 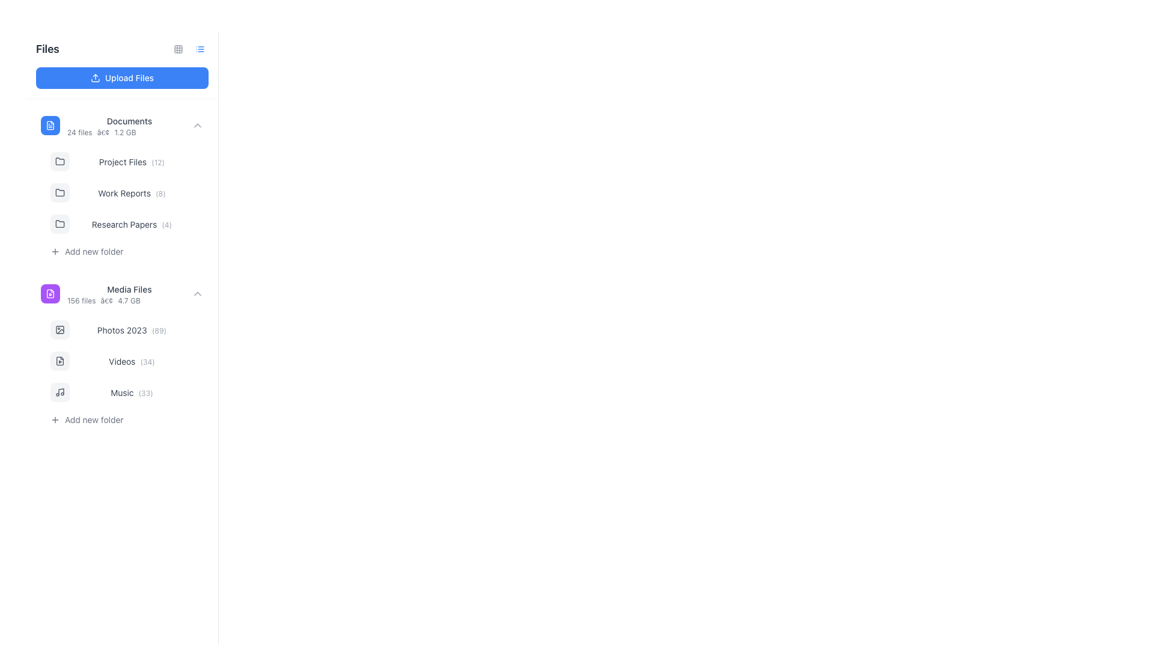 I want to click on the icon button located to the left of the 'Add new folder' label in the 'Media Files' section, so click(x=54, y=419).